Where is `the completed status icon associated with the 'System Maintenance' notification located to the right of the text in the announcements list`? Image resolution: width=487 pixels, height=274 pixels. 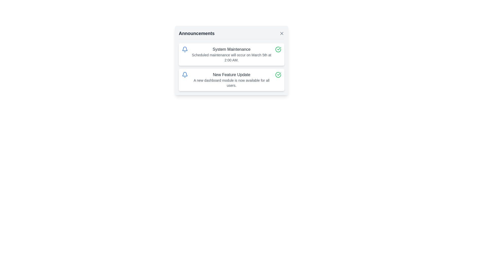
the completed status icon associated with the 'System Maintenance' notification located to the right of the text in the announcements list is located at coordinates (279, 74).